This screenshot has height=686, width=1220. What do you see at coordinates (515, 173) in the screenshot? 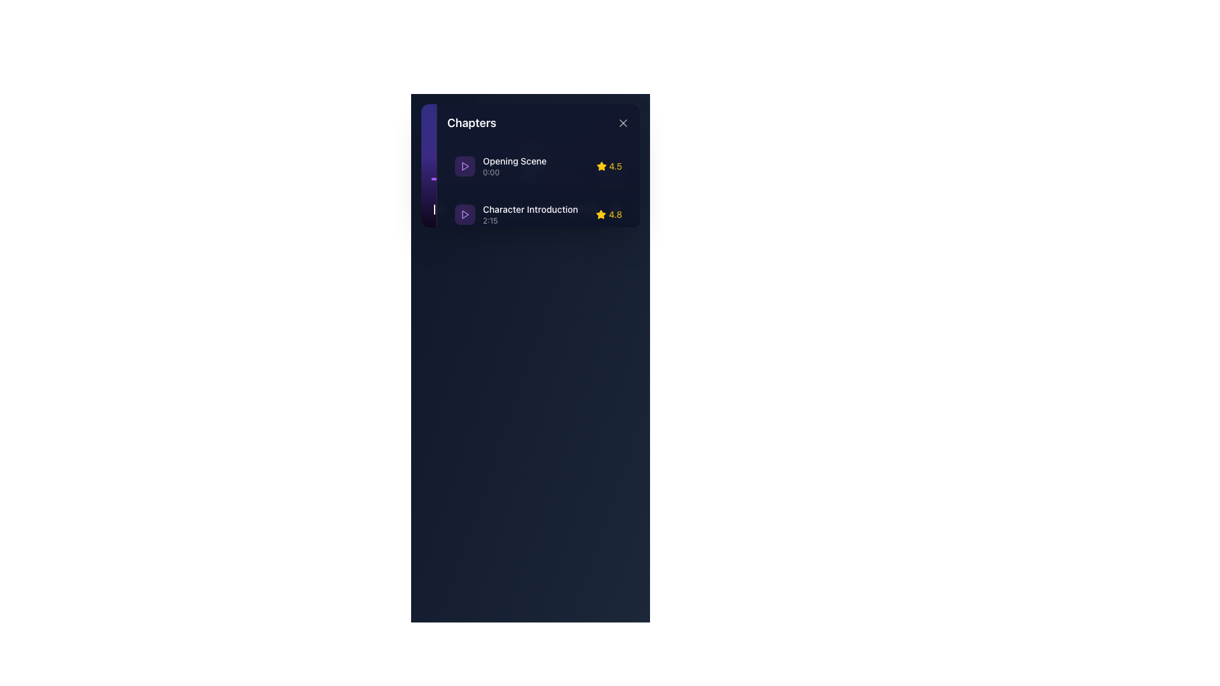
I see `the time indicator text displaying '0:00', which is styled with white text on a dark background and located beneath 'Opening Scene'` at bounding box center [515, 173].